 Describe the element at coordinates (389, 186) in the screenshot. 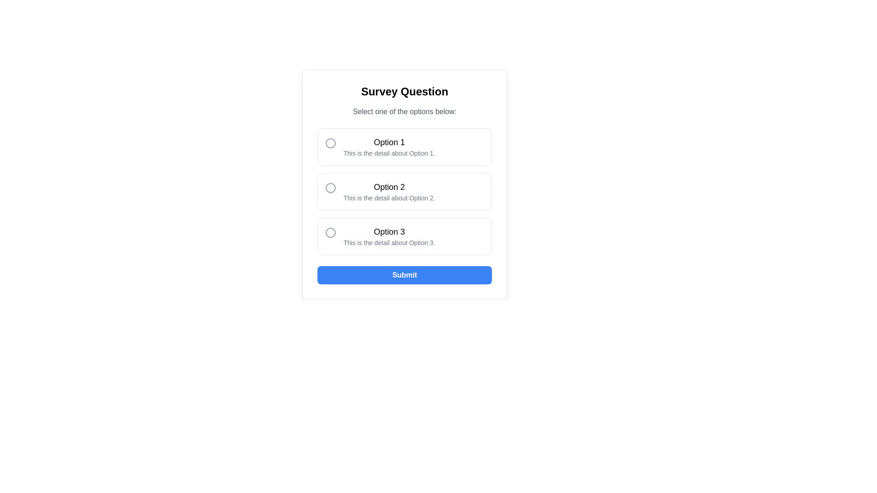

I see `the text label that displays 'Option 2', which is styled as a prominent option title in the survey form interface` at that location.